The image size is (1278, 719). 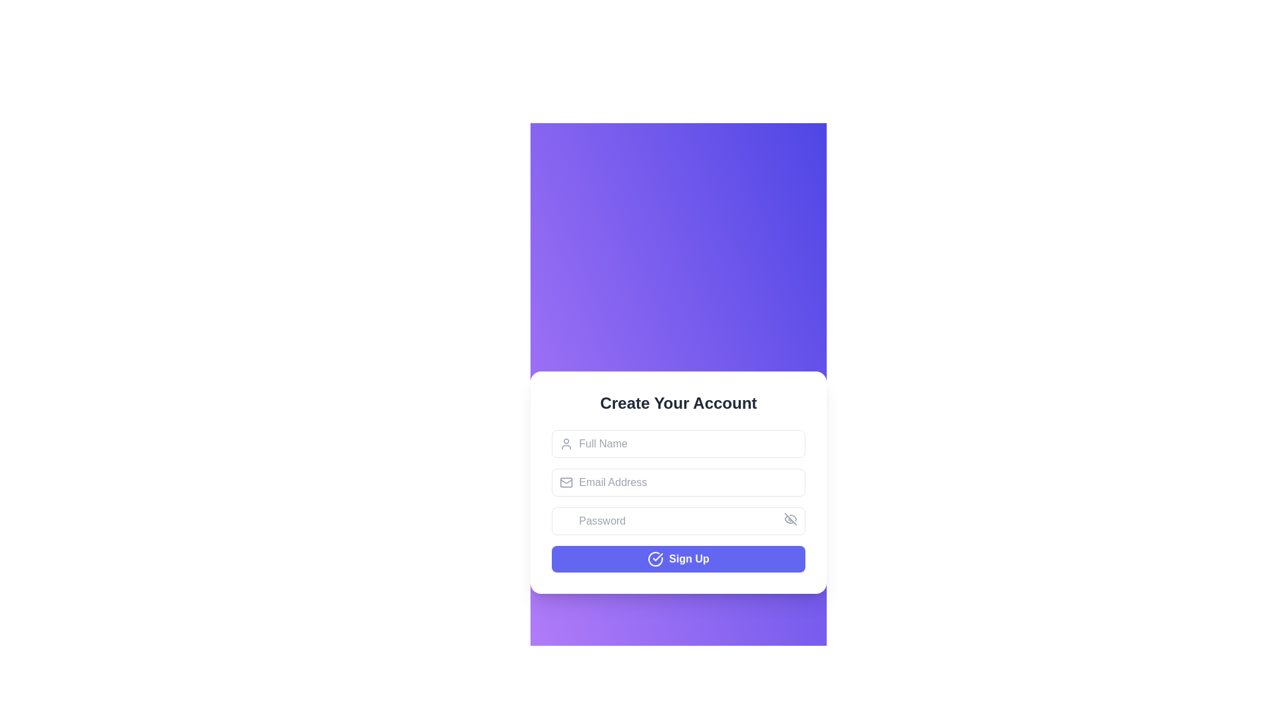 I want to click on the submit button located at the bottom of the form, below the input fields for 'Full Name', 'Email Address', and 'Password', to see the ring effect, so click(x=678, y=559).